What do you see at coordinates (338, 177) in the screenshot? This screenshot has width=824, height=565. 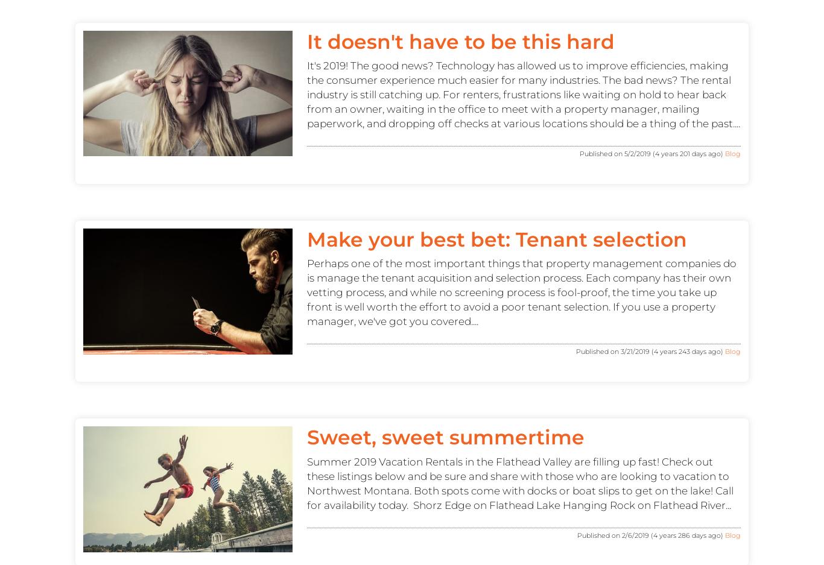 I see `'Contact'` at bounding box center [338, 177].